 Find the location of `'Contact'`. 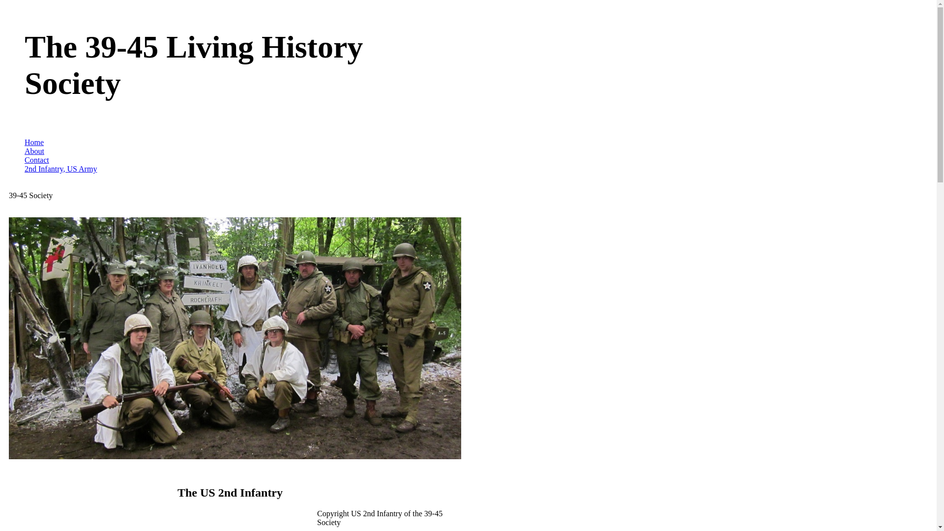

'Contact' is located at coordinates (37, 159).